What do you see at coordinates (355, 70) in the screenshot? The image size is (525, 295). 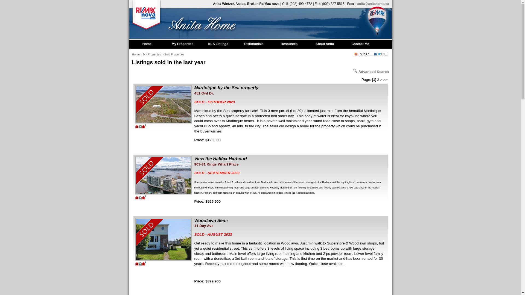 I see `'Search for listings'` at bounding box center [355, 70].